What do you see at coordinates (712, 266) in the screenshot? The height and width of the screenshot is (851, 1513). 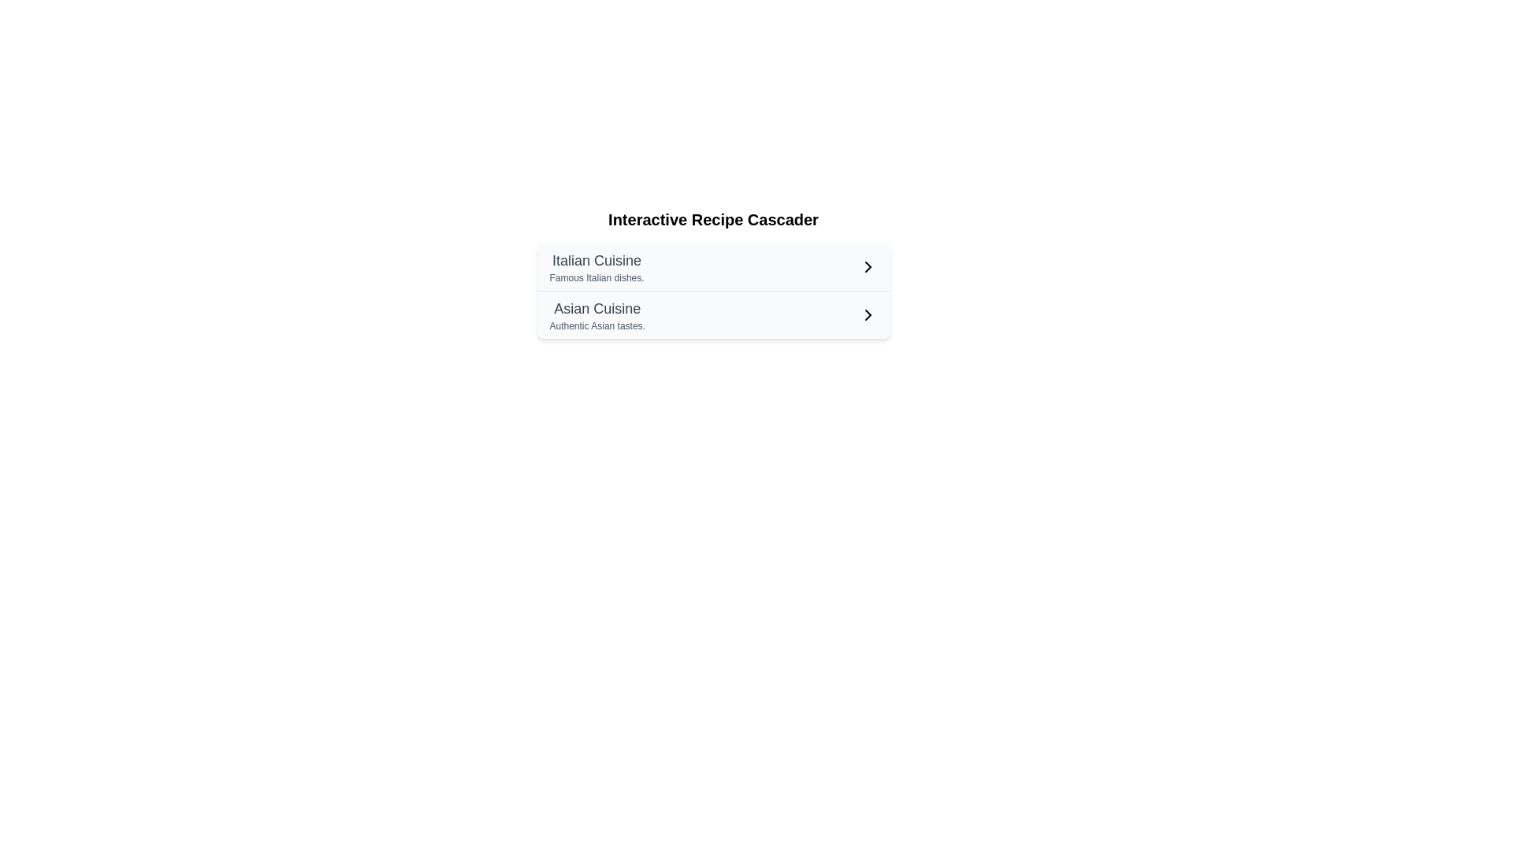 I see `the first list item for Italian cuisine` at bounding box center [712, 266].